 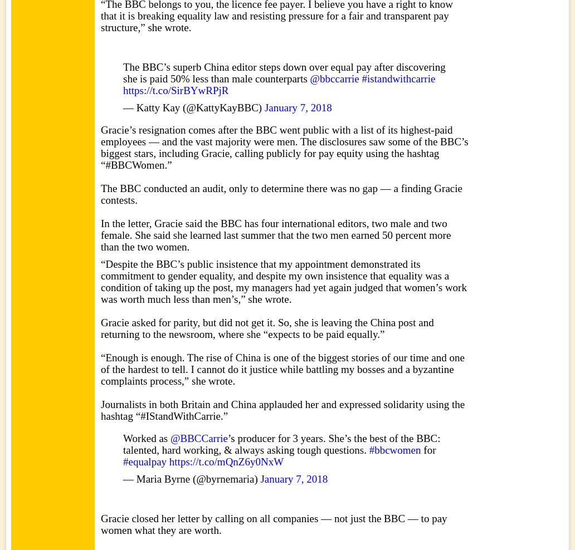 What do you see at coordinates (282, 281) in the screenshot?
I see `'“Despite the BBC’s public insistence that my appointment demonstrated its commitment to gender equality, and despite my own insistence that equality was a condition of taking up the post, my managers had yet again judged that women’s work was worth much less than men’s,” she wrote.'` at bounding box center [282, 281].